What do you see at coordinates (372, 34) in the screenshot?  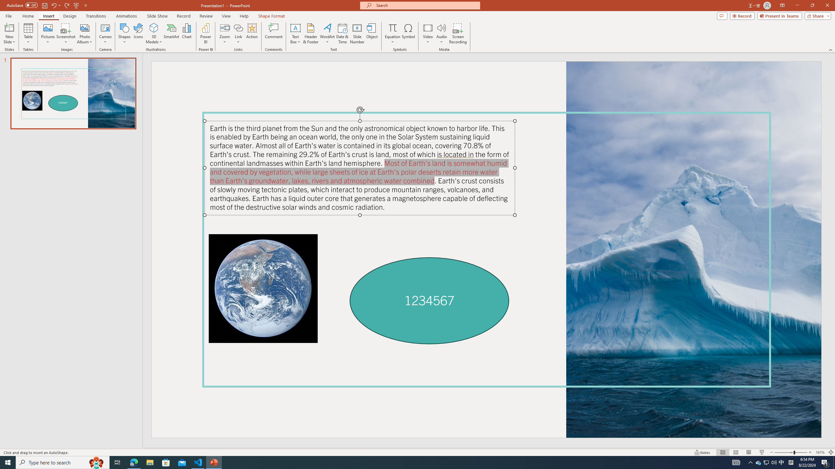 I see `'Object...'` at bounding box center [372, 34].